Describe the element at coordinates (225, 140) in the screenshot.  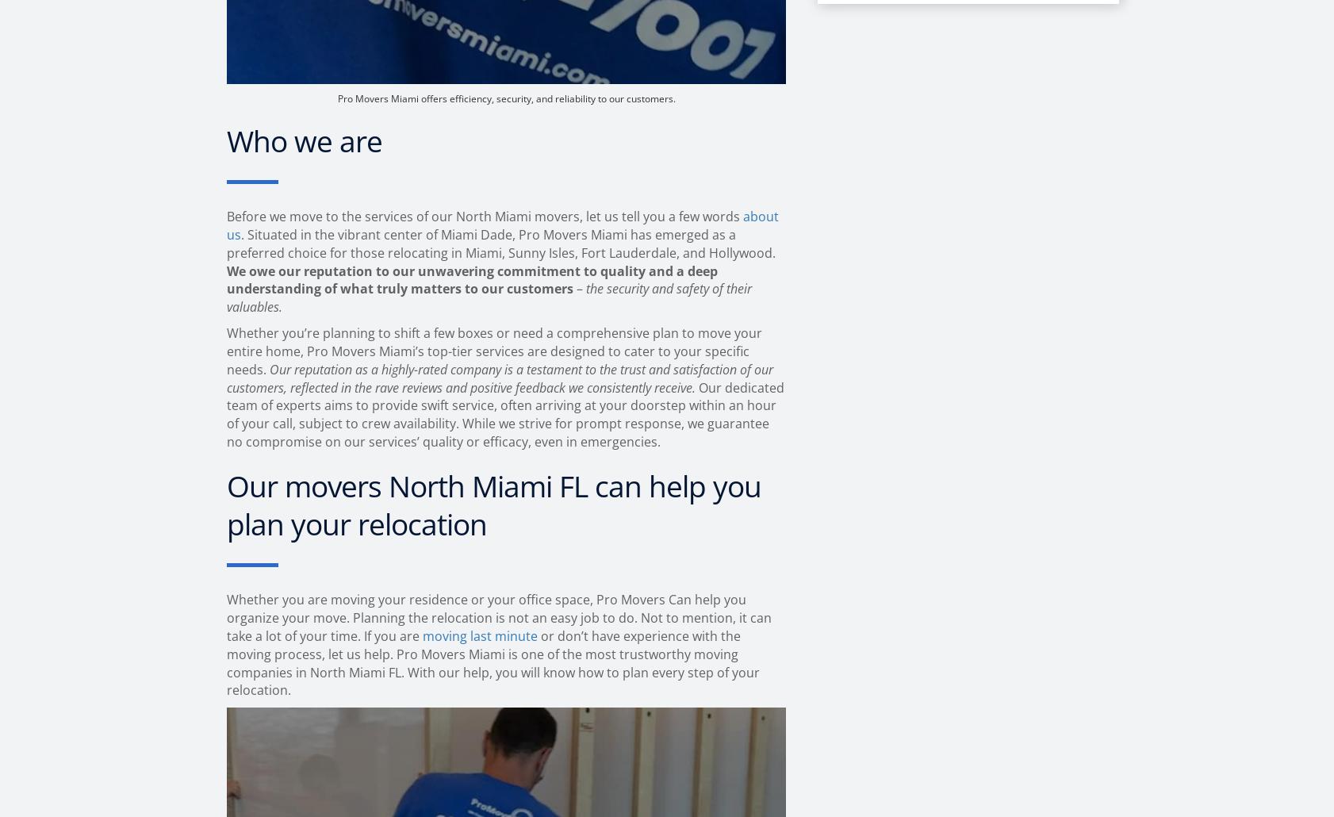
I see `'Who we are'` at that location.